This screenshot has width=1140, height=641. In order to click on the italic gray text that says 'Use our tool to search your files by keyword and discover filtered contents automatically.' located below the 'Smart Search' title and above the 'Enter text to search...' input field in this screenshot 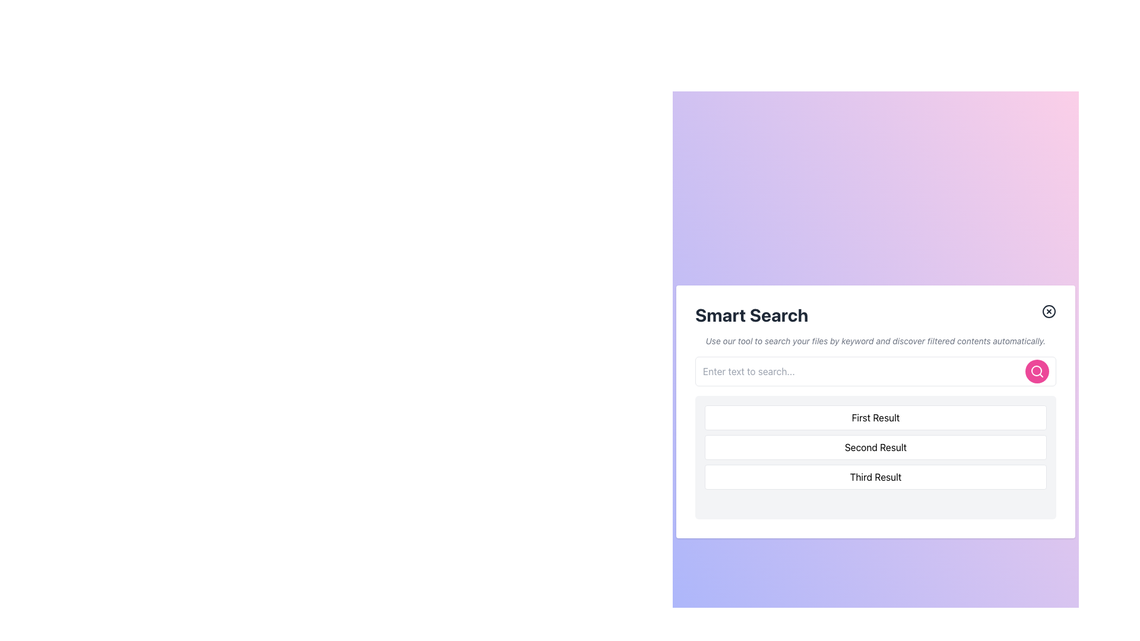, I will do `click(875, 341)`.